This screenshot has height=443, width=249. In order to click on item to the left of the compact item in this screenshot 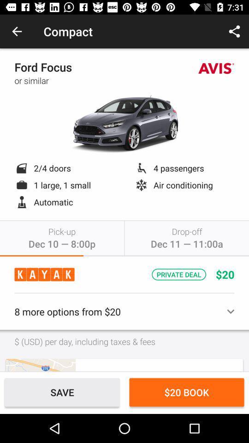, I will do `click(17, 31)`.